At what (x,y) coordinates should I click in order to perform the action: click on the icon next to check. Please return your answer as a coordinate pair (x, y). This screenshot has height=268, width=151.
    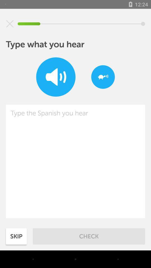
    Looking at the image, I should click on (16, 236).